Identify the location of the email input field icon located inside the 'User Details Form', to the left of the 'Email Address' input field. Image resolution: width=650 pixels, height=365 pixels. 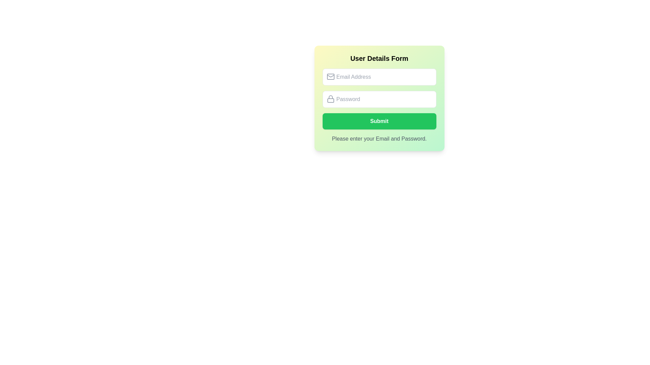
(330, 76).